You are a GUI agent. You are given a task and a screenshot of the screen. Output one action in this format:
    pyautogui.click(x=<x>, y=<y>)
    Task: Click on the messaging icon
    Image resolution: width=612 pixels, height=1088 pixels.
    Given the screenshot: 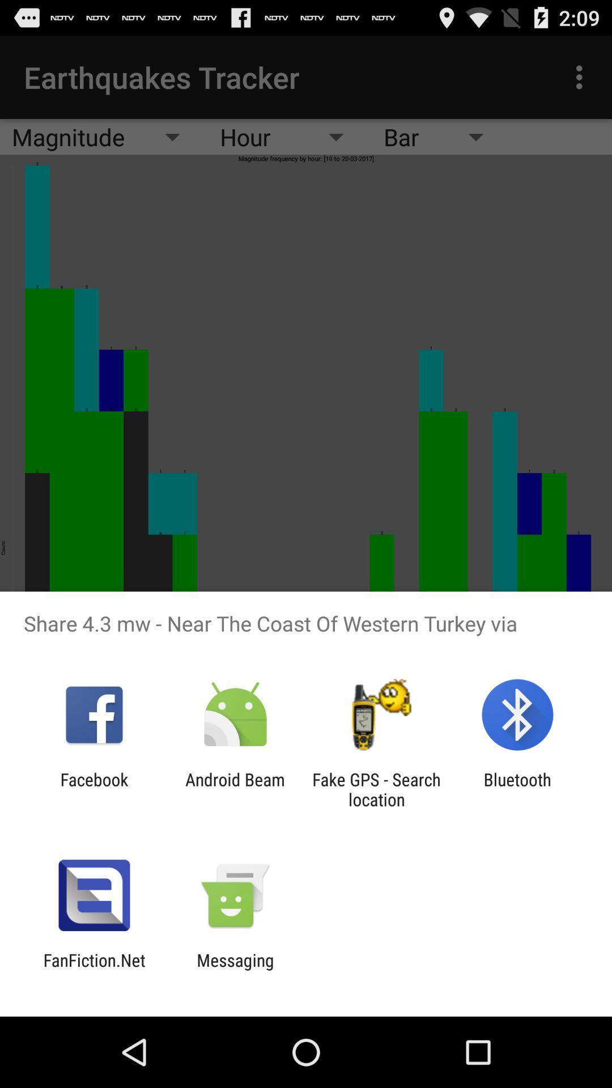 What is the action you would take?
    pyautogui.click(x=235, y=970)
    